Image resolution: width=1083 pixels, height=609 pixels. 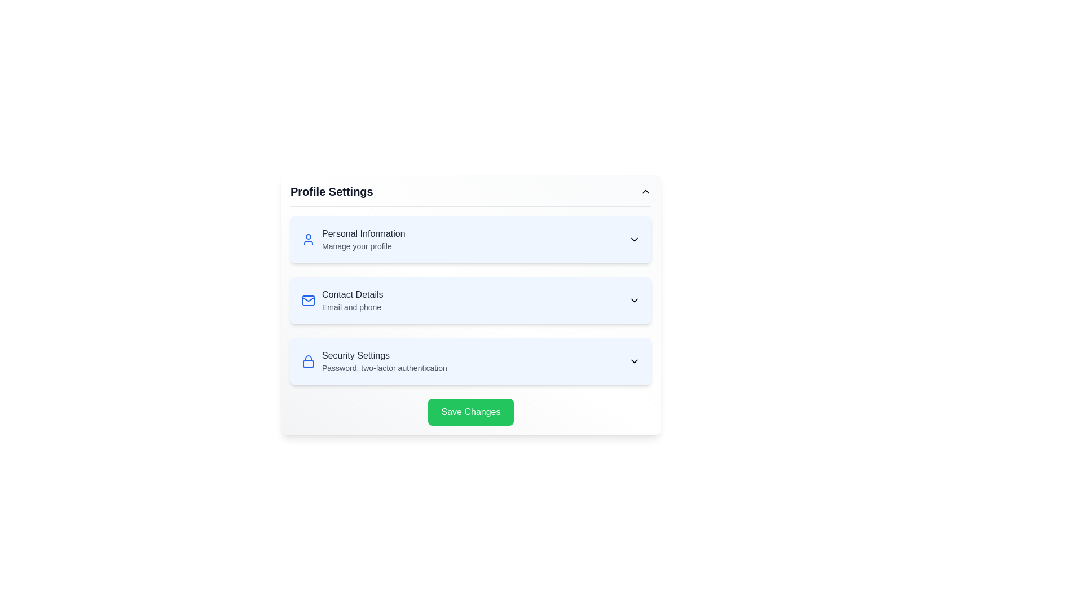 What do you see at coordinates (309, 299) in the screenshot?
I see `the outlined blue email icon located in the 'Contact Details' section, positioned to the left of the text 'Contact Details' and 'Email and phone'` at bounding box center [309, 299].